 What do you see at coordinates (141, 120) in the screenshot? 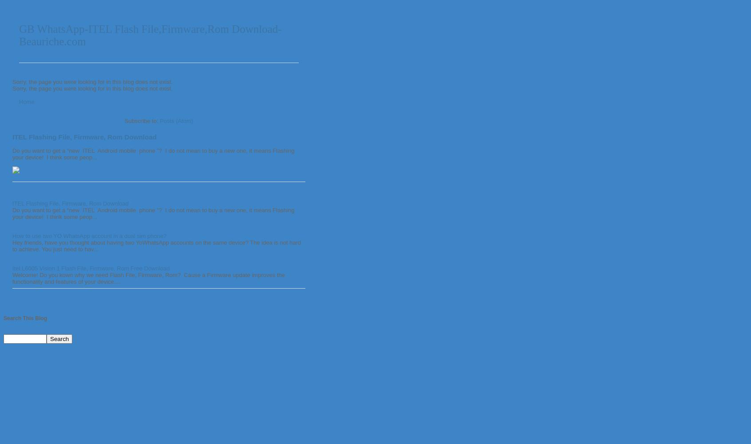
I see `'Subscribe to:'` at bounding box center [141, 120].